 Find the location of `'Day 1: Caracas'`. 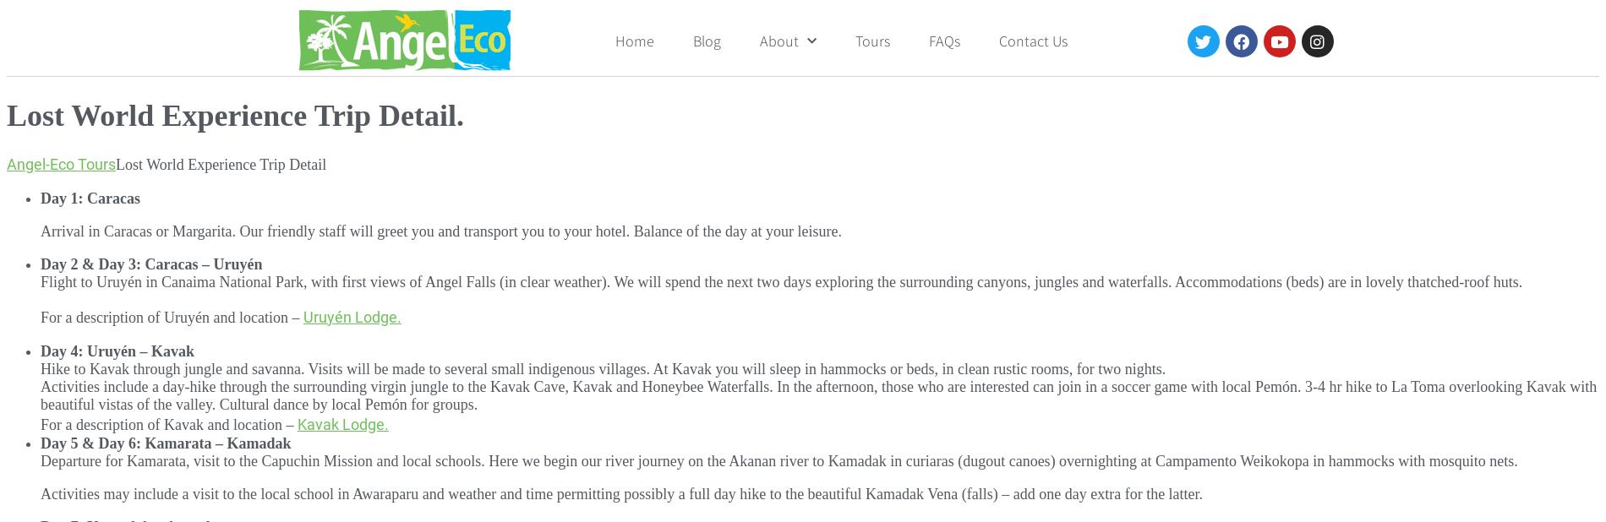

'Day 1: Caracas' is located at coordinates (90, 197).